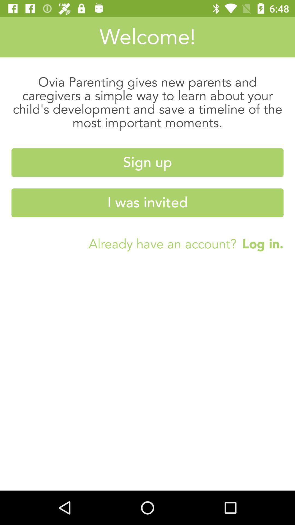 The image size is (295, 525). Describe the element at coordinates (259, 243) in the screenshot. I see `the log in. on the right` at that location.